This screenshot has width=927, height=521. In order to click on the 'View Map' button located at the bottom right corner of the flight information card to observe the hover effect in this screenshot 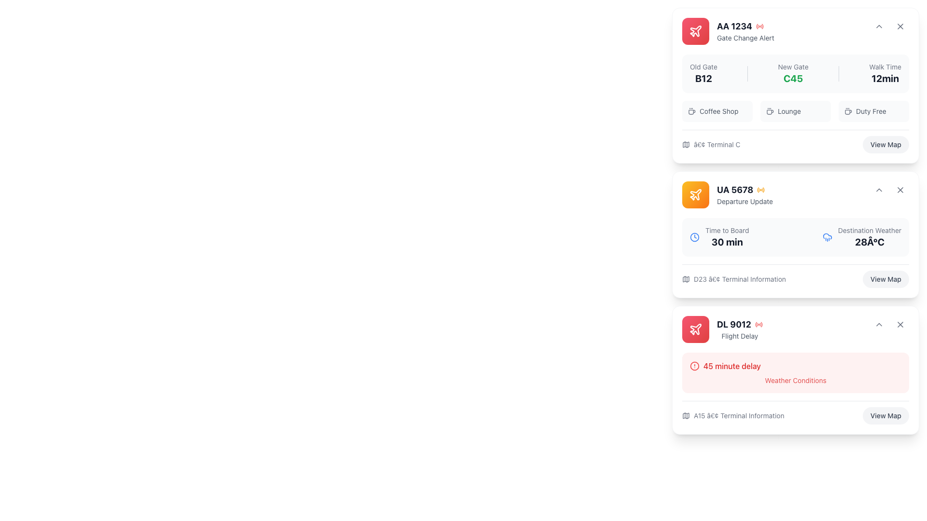, I will do `click(885, 145)`.